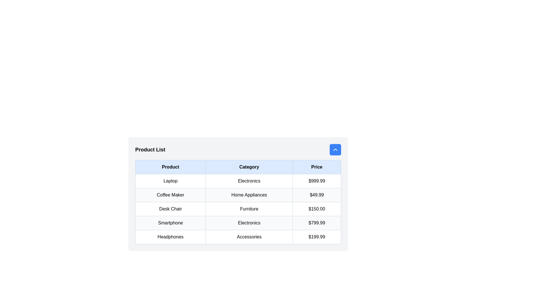  Describe the element at coordinates (249, 194) in the screenshot. I see `text displayed in the second cell of the 'Category' column, which shows 'Home Appliances'` at that location.